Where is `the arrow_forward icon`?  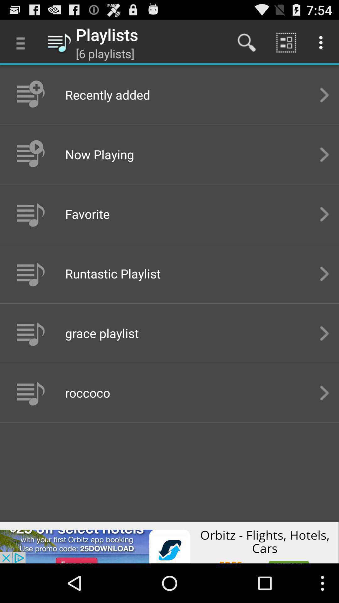
the arrow_forward icon is located at coordinates (312, 420).